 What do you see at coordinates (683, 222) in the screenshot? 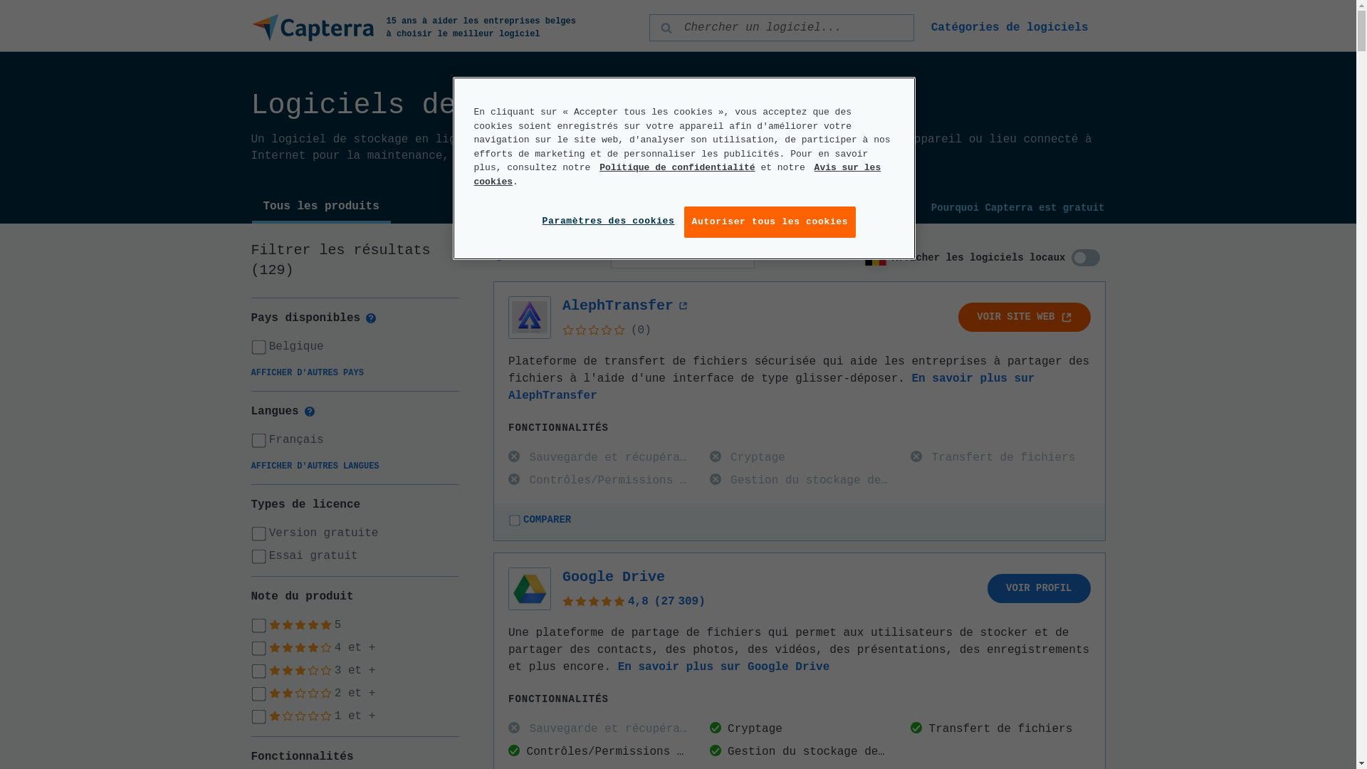
I see `'Autoriser tous les cookies'` at bounding box center [683, 222].